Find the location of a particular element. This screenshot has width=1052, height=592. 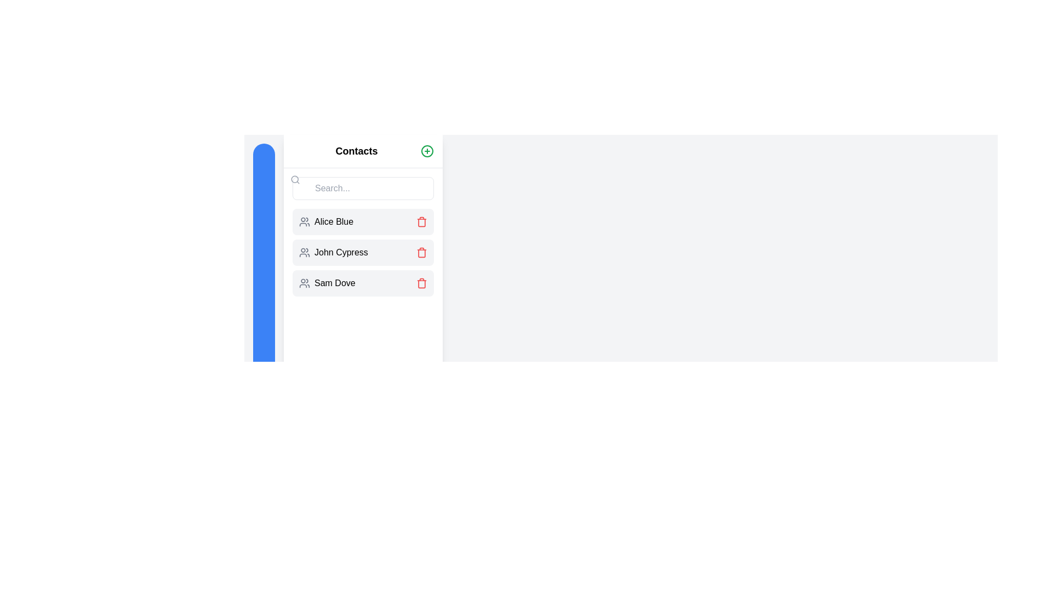

the delete action button for the contact named 'John Cypress', which is located in the second position of the contact list and is positioned to the far right of the name is located at coordinates (421, 253).